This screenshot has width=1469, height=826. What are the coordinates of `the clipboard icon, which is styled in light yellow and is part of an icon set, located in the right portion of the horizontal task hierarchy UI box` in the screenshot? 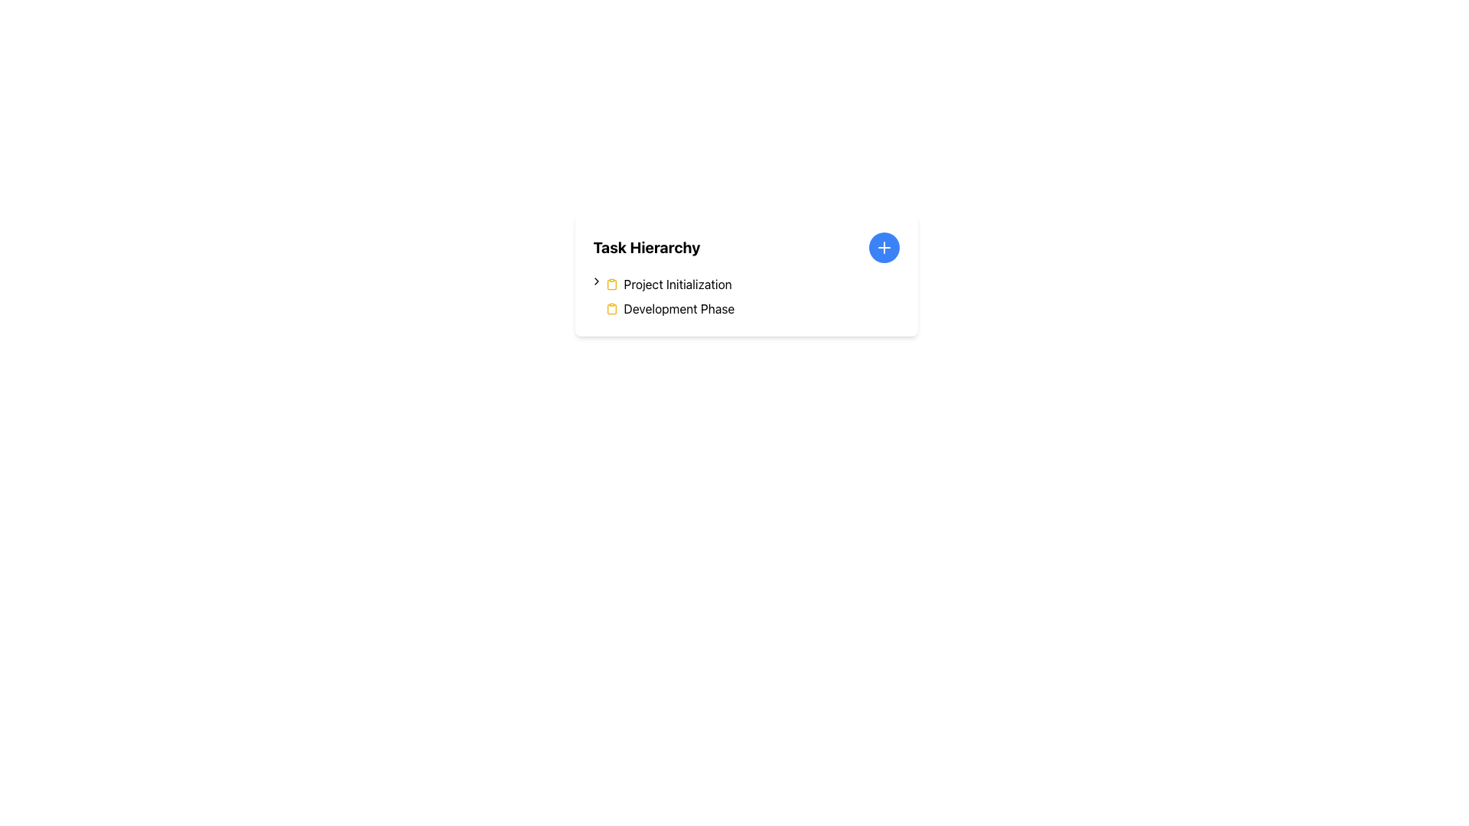 It's located at (611, 309).